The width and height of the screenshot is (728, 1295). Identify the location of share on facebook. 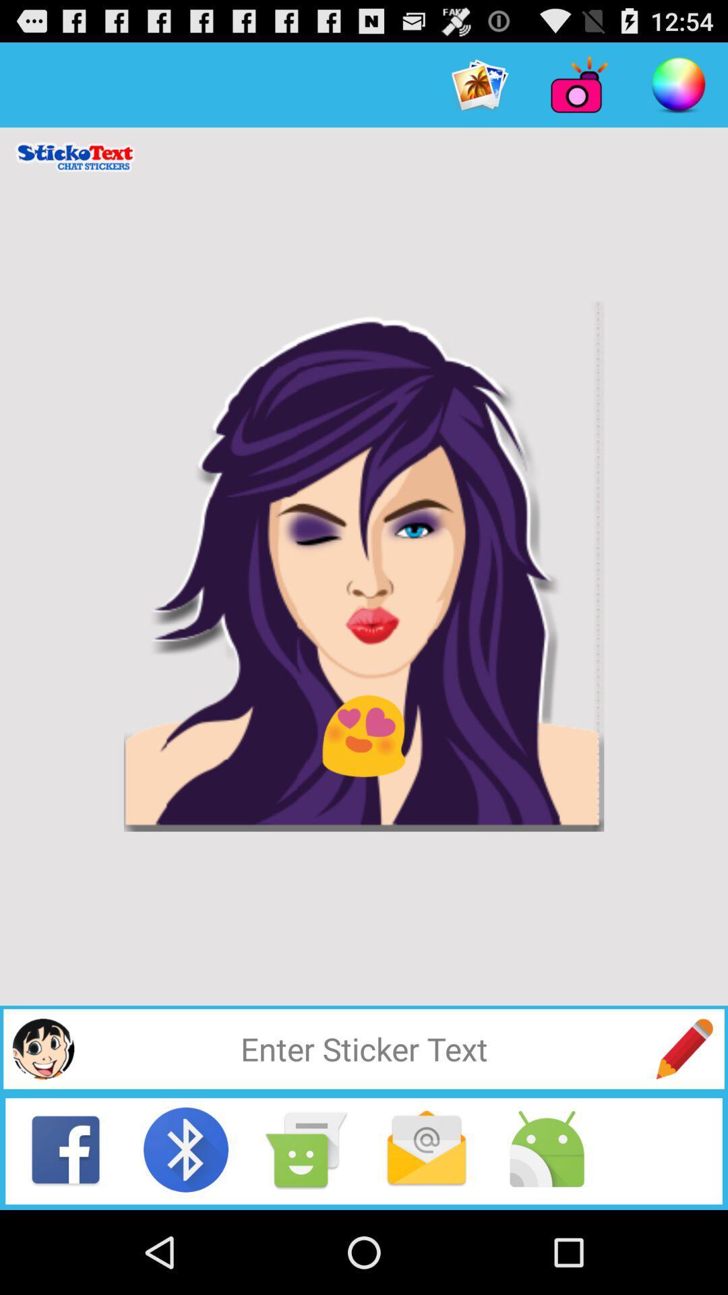
(65, 1149).